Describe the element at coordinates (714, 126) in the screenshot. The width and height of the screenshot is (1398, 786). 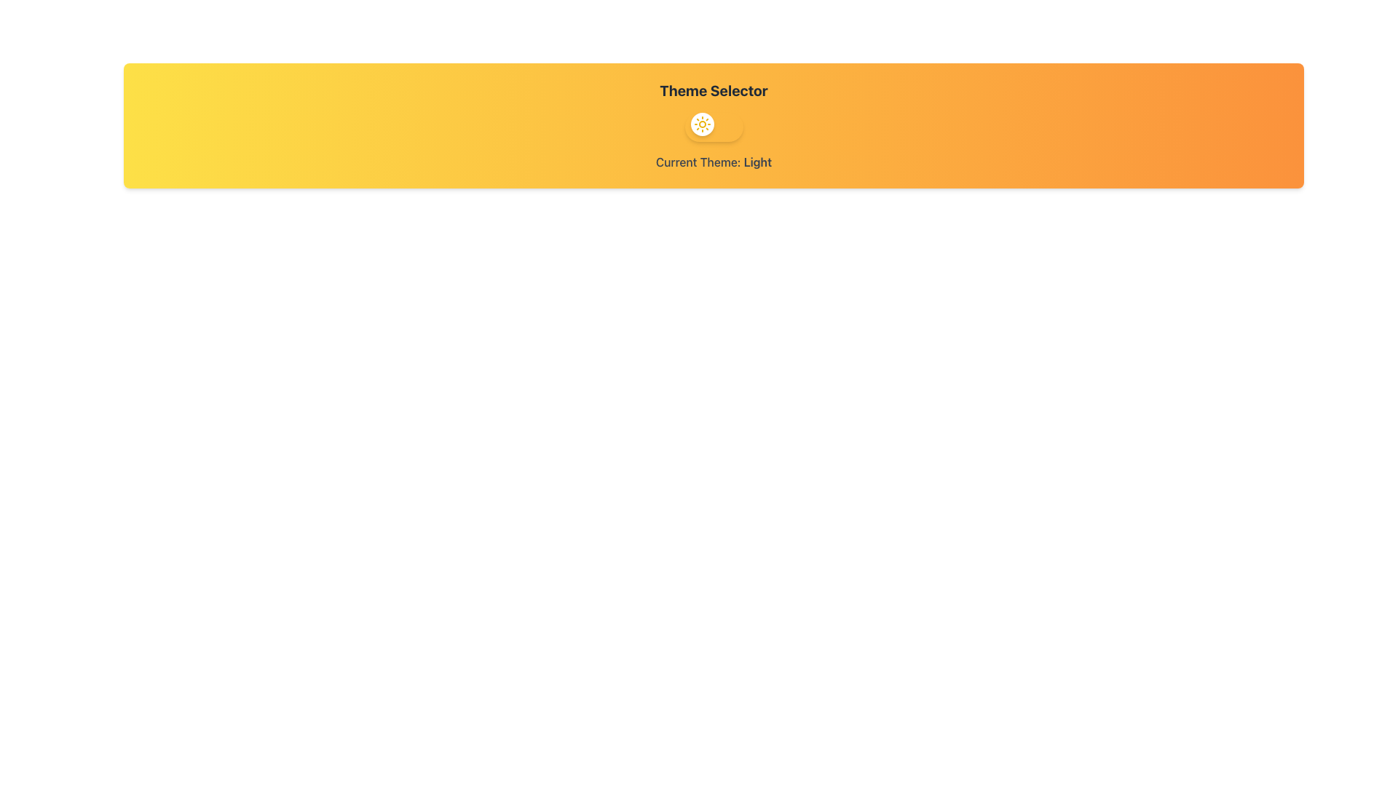
I see `the toggle switch located below the 'Theme Selector' title, which allows users to switch between light and dark modes` at that location.